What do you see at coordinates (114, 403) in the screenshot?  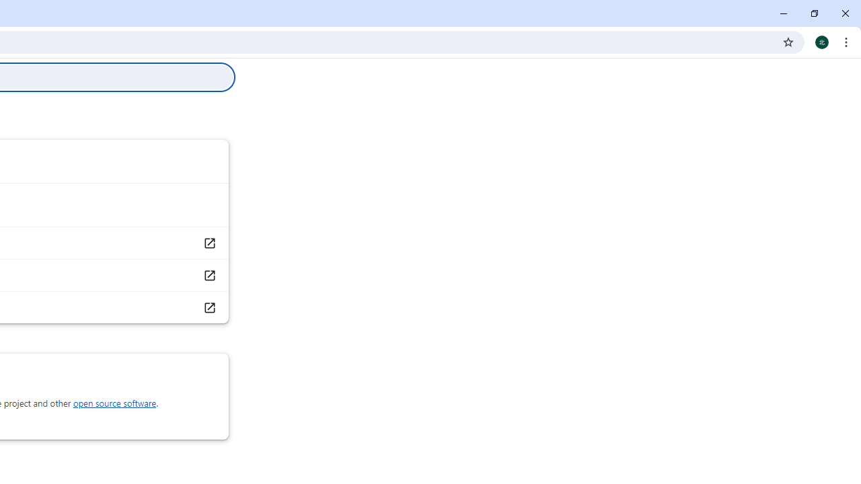 I see `'open source software'` at bounding box center [114, 403].